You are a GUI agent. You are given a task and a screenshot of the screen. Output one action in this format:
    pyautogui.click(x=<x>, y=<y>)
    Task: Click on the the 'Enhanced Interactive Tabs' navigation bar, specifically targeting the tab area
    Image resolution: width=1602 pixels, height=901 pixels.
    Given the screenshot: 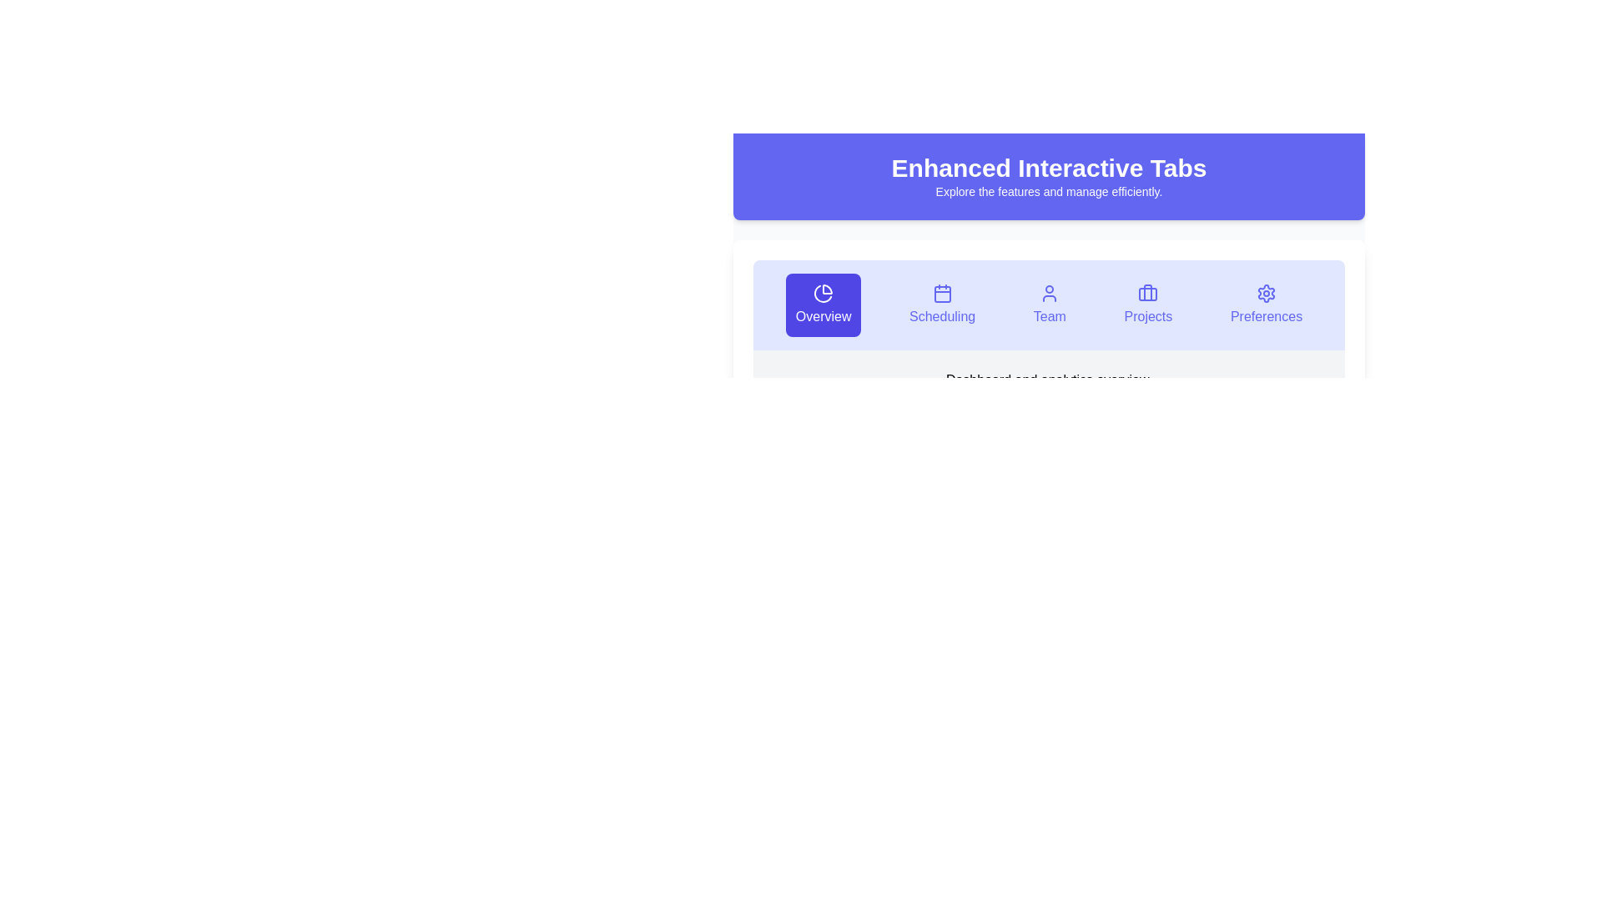 What is the action you would take?
    pyautogui.click(x=1048, y=245)
    